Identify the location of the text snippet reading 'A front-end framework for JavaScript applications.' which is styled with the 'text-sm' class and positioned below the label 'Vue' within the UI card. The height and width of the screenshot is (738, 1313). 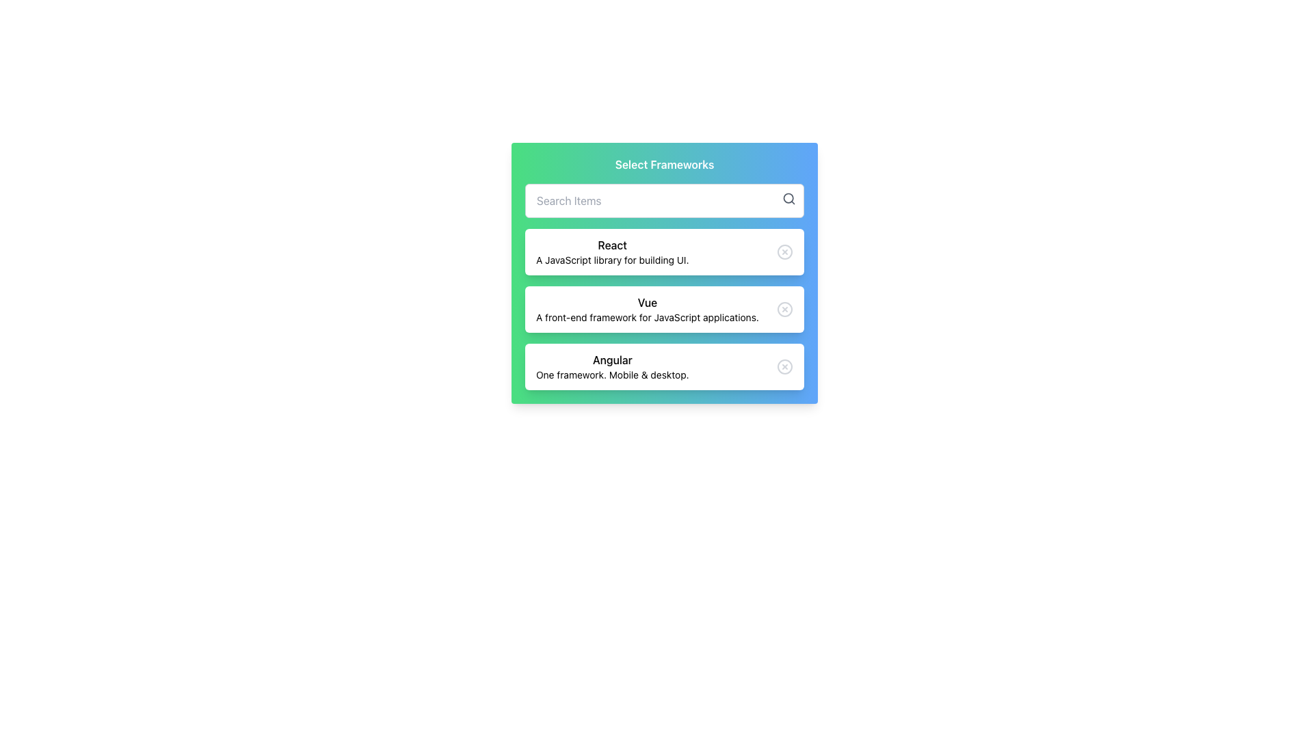
(646, 318).